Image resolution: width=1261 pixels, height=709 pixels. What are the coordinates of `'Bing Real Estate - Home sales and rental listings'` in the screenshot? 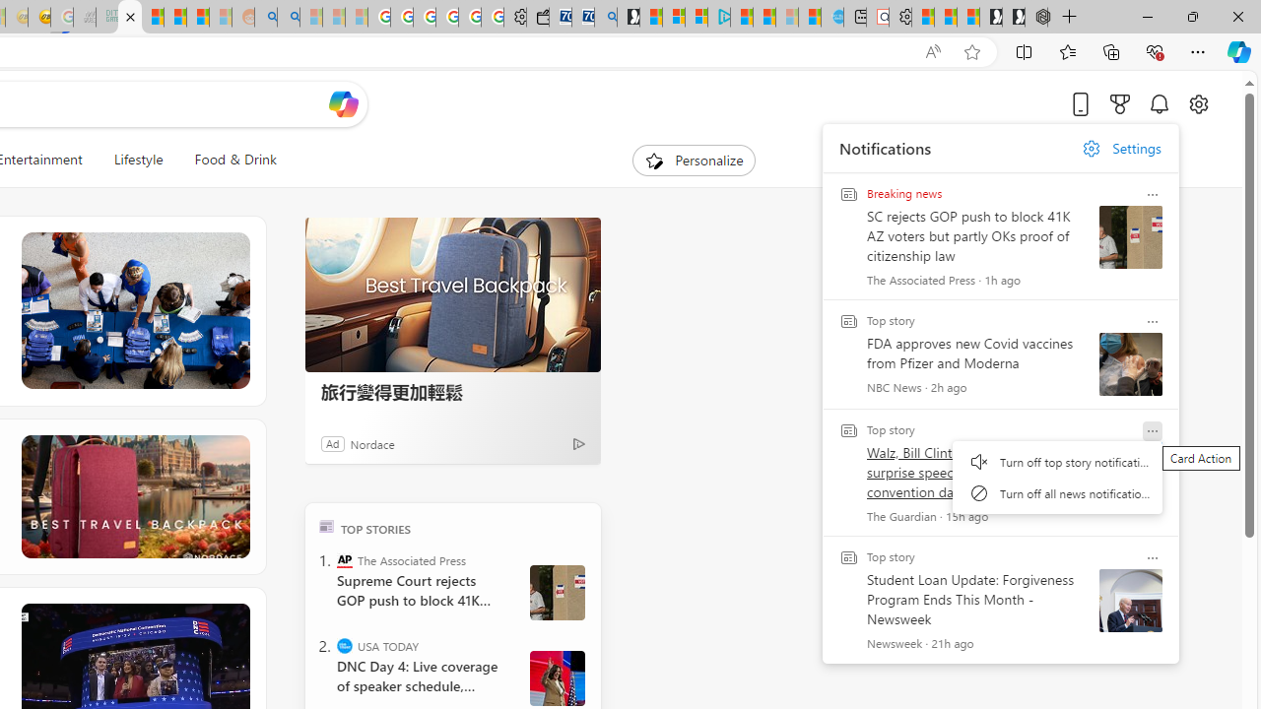 It's located at (605, 17).